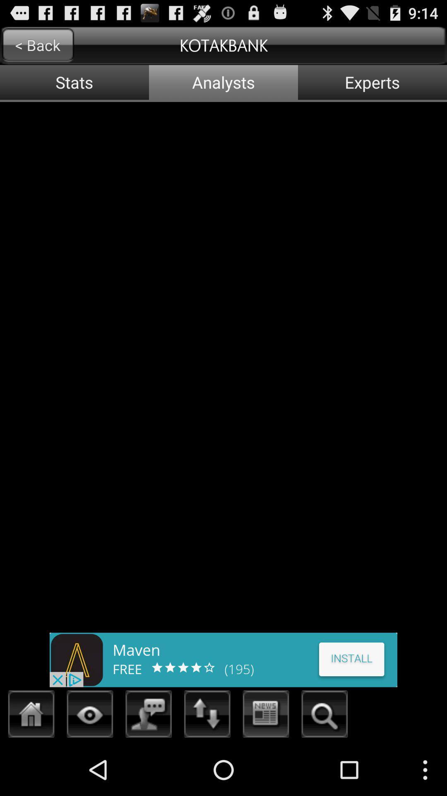  What do you see at coordinates (90, 716) in the screenshot?
I see `eye` at bounding box center [90, 716].